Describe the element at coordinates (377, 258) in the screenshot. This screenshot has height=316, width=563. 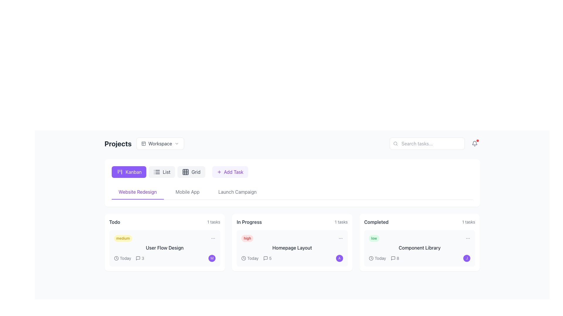
I see `the 'Today' text in the Icon and Text combination component located in the 'Completed' section of the 'Component Library' task card` at that location.